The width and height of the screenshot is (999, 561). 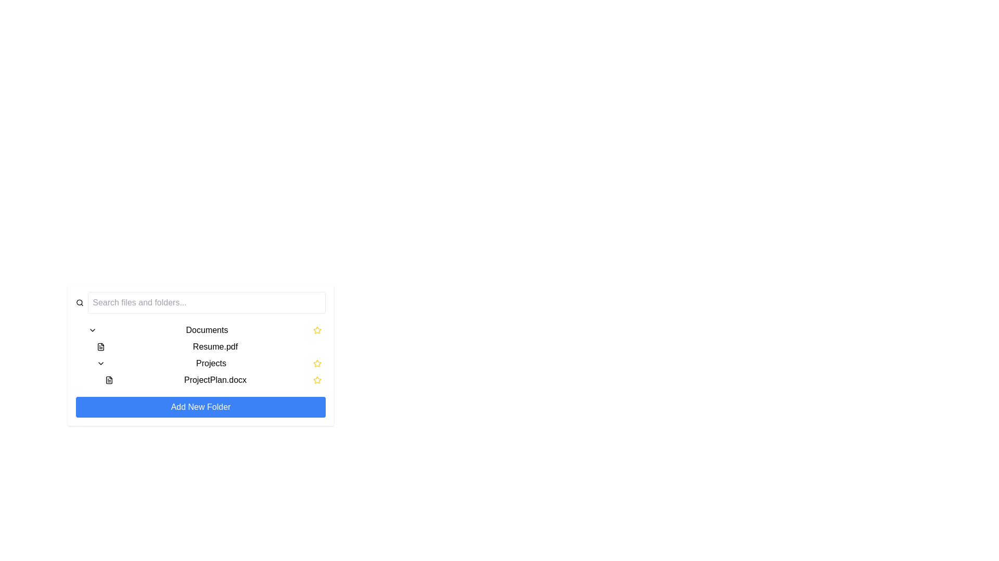 I want to click on the circular portion of the search icon, which is solid colored and located near the top left of the interface, to the left of the search input field, so click(x=79, y=302).